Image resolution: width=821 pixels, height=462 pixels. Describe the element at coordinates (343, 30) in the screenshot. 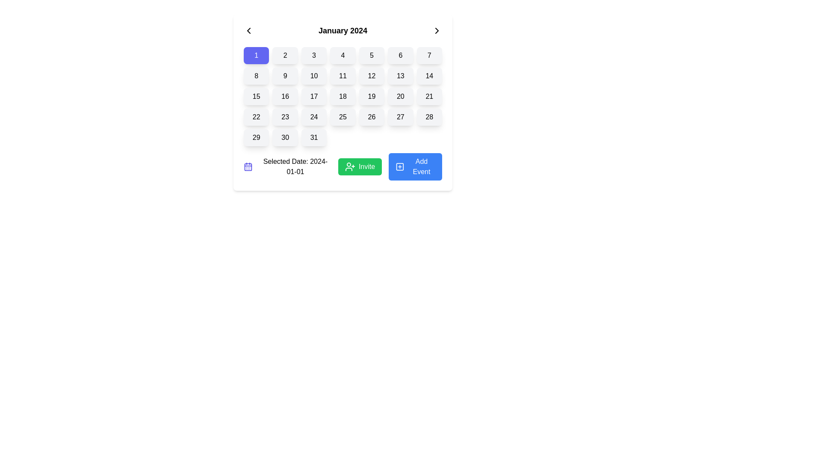

I see `the non-interactive Text Label that indicates the currently displayed month and year of the calendar, located at the top center of the calendar interface` at that location.